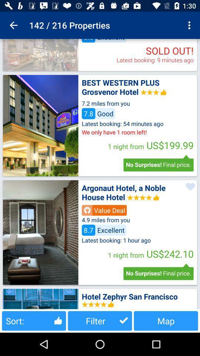  I want to click on sort:  icon, so click(33, 320).